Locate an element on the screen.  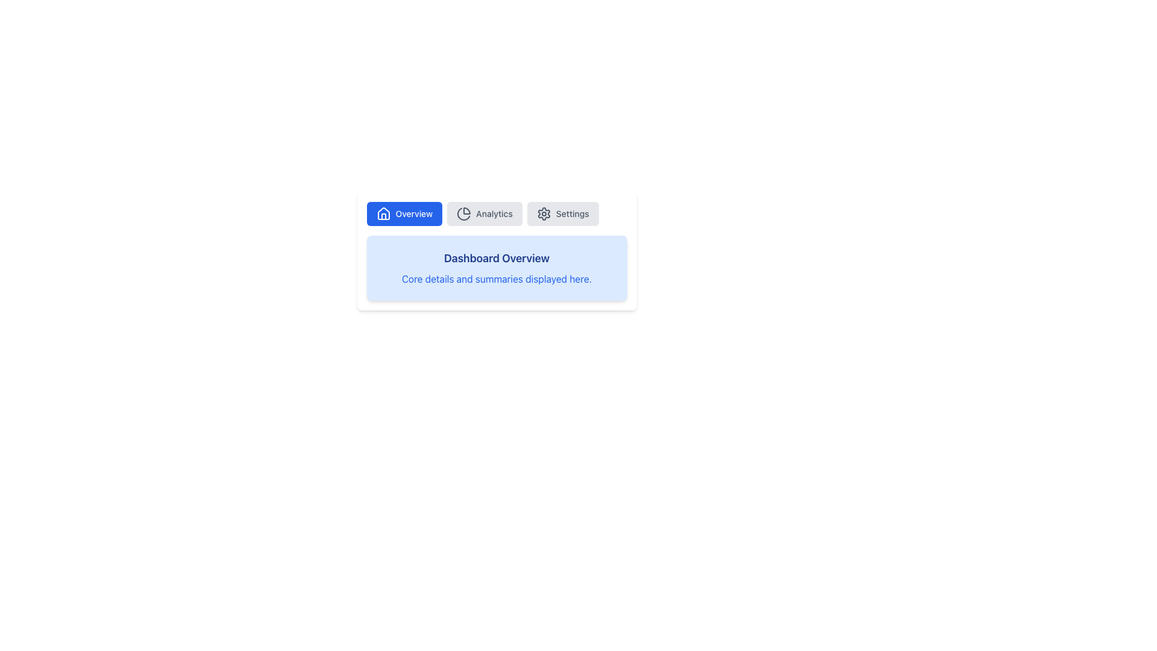
the settings icon located within the 'Settings' button at the top toolbar is located at coordinates (543, 213).